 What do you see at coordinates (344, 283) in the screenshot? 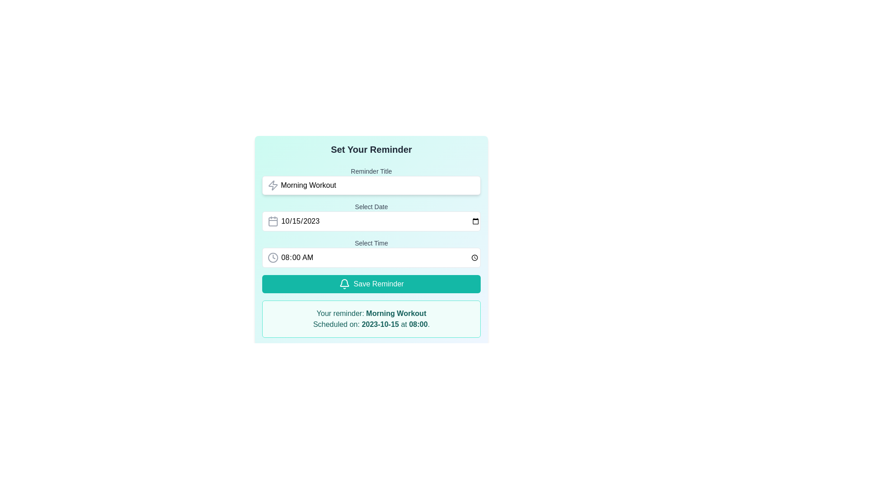
I see `the bell icon located on the left side of the 'Save Reminder' button, which serves as the primary action for saving reminders` at bounding box center [344, 283].